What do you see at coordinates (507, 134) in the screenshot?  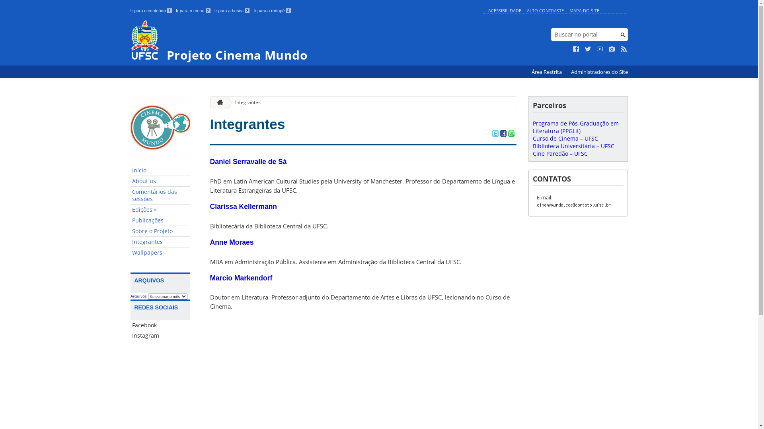 I see `'Compartilhar no WhatsApp'` at bounding box center [507, 134].